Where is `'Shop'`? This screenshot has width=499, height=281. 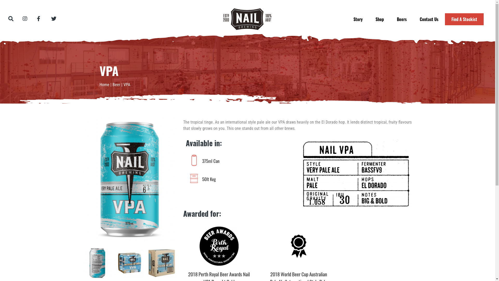
'Shop' is located at coordinates (379, 19).